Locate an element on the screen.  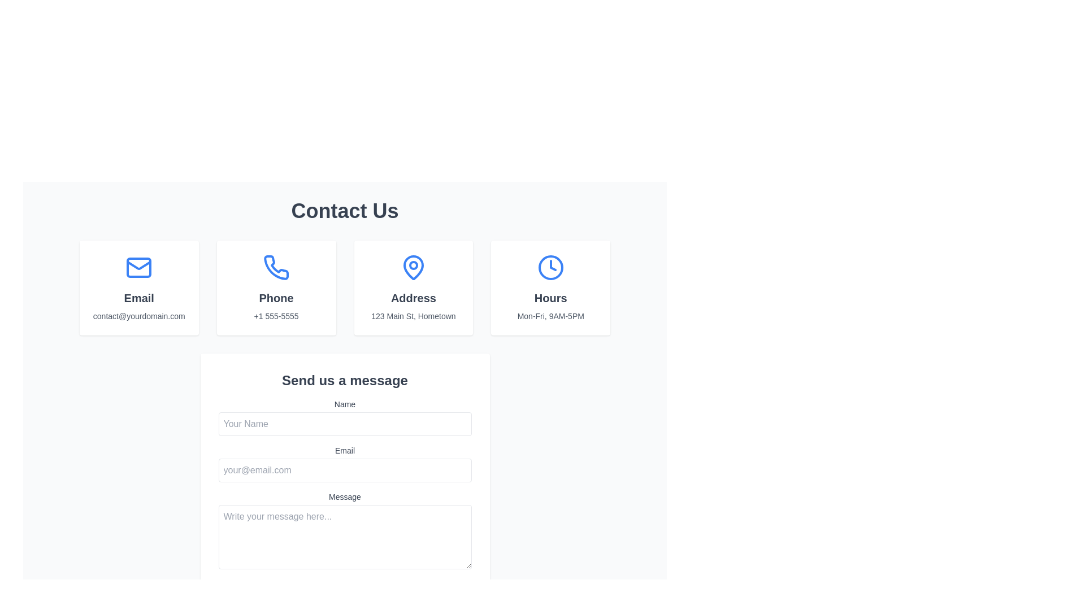
the 'Name' label, which is a small-sized, medium-weight, gray text located above the input field in the 'Send us a message' form is located at coordinates (344, 404).